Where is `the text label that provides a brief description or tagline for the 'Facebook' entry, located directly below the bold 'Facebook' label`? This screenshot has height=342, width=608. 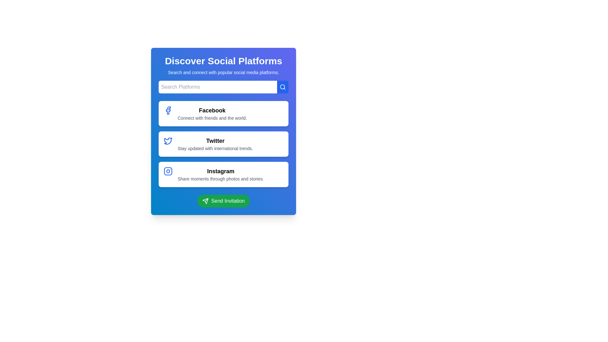 the text label that provides a brief description or tagline for the 'Facebook' entry, located directly below the bold 'Facebook' label is located at coordinates (212, 118).